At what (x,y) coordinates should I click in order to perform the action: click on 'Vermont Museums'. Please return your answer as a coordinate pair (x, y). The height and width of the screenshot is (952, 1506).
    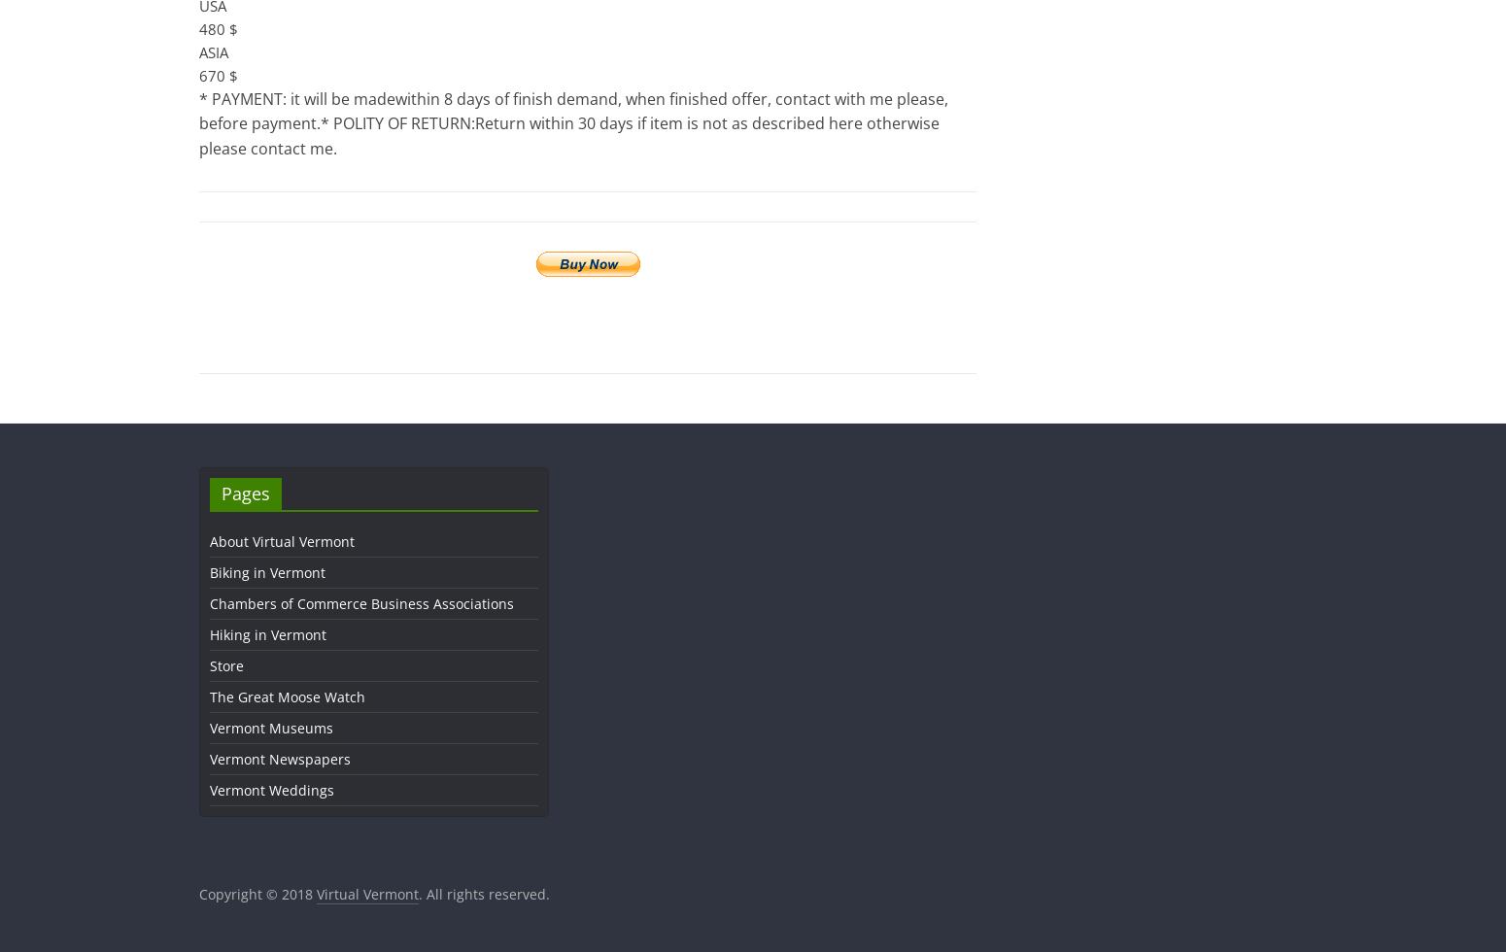
    Looking at the image, I should click on (209, 728).